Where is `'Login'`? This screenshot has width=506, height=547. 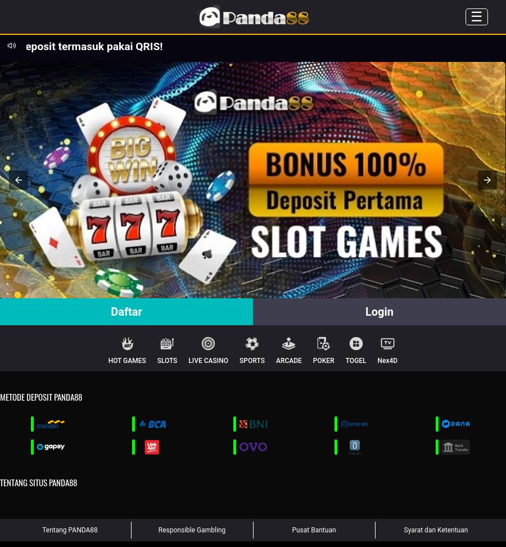
'Login' is located at coordinates (379, 311).